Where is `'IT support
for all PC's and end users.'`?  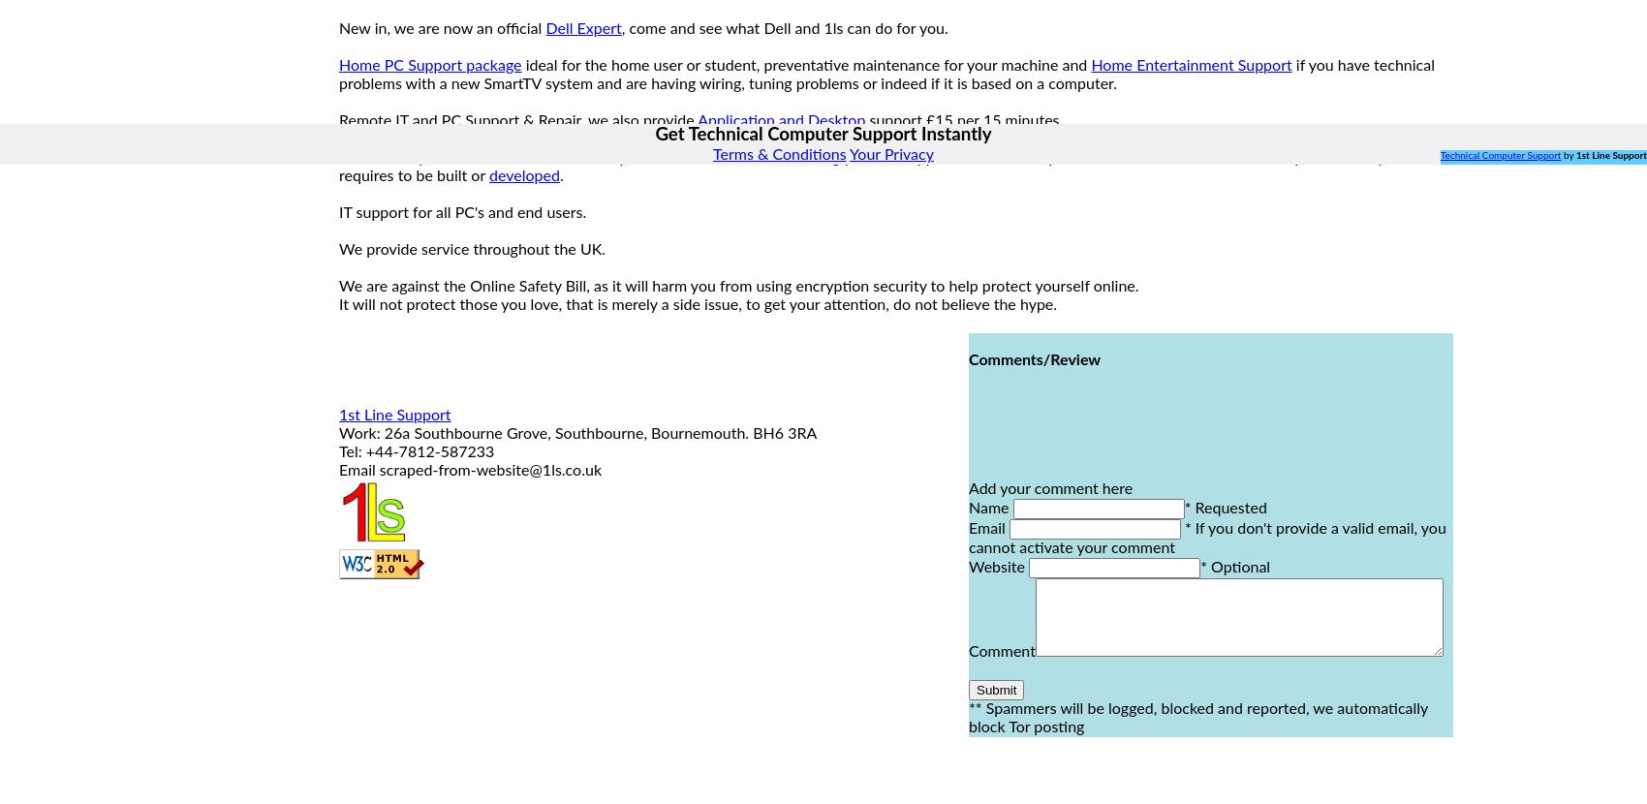
'IT support
for all PC's and end users.' is located at coordinates (462, 212).